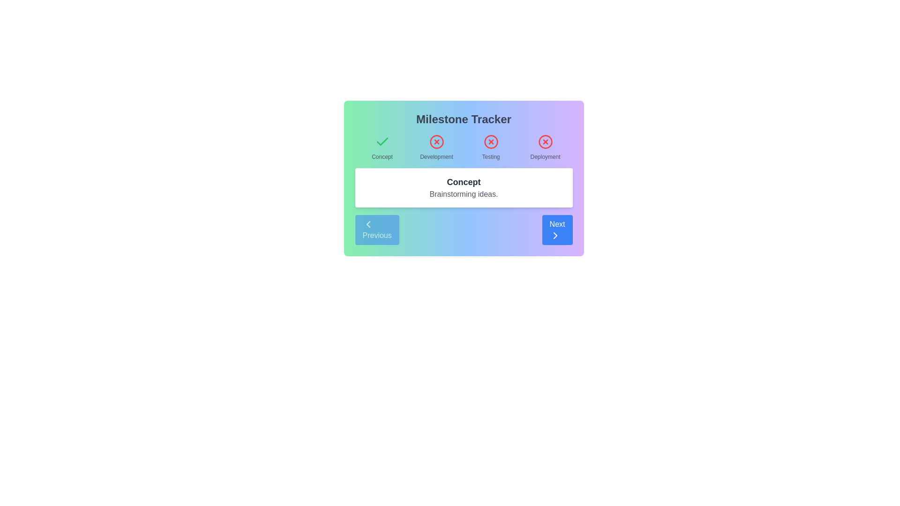  I want to click on the 'Previous' button, which is a rectangular button with rounded corners, blue background, and white text, located near the bottom center of the interface, so click(377, 230).